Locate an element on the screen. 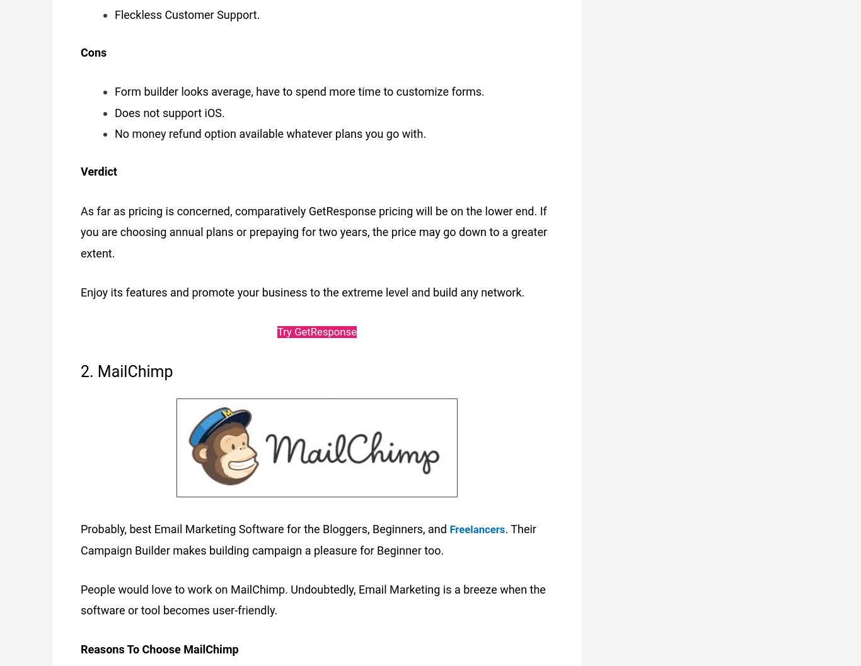 Image resolution: width=861 pixels, height=666 pixels. 'Enjoy its features and promote your business to the extreme level and build any network.' is located at coordinates (303, 289).